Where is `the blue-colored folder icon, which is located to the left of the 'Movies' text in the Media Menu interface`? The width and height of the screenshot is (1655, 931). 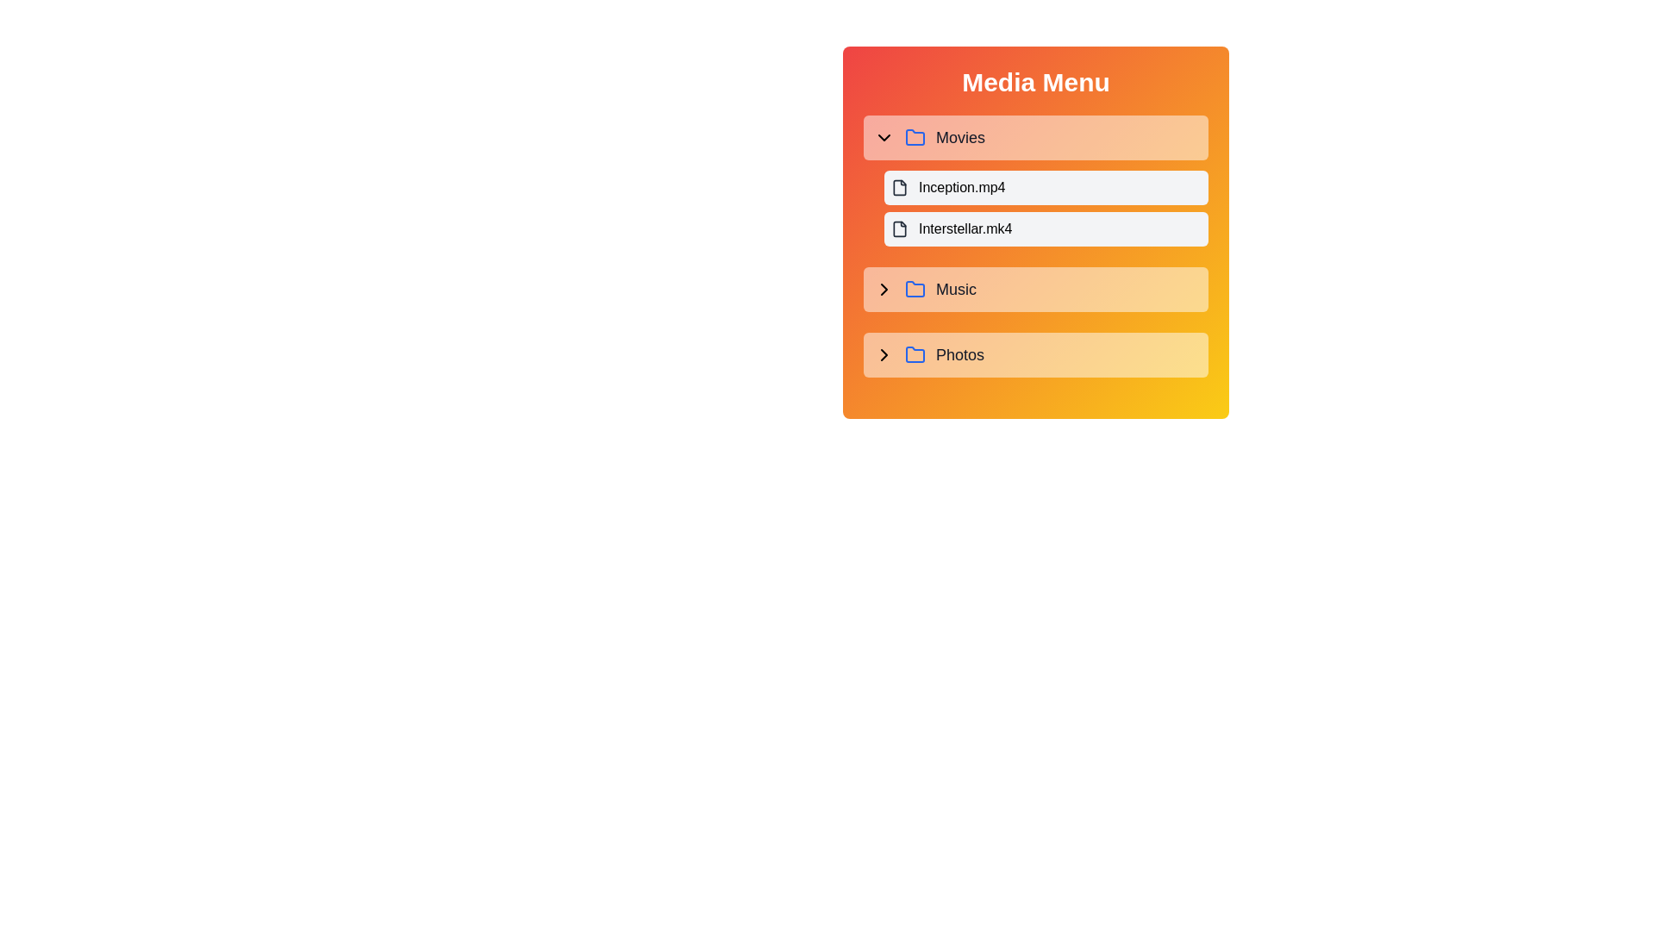
the blue-colored folder icon, which is located to the left of the 'Movies' text in the Media Menu interface is located at coordinates (914, 136).